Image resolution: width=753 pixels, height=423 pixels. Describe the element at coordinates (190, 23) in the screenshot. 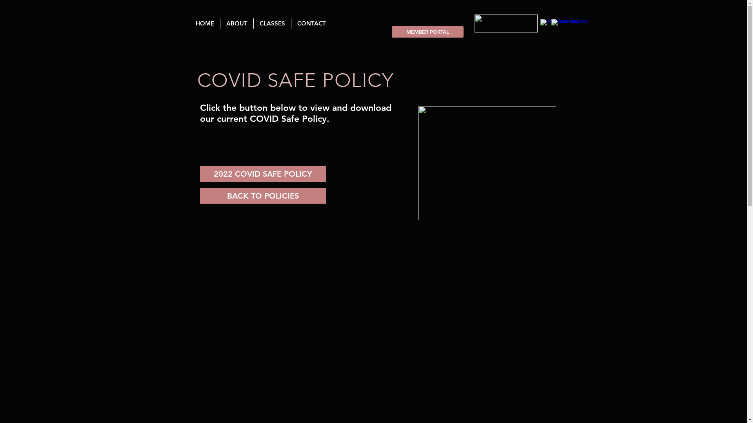

I see `'HOME'` at that location.